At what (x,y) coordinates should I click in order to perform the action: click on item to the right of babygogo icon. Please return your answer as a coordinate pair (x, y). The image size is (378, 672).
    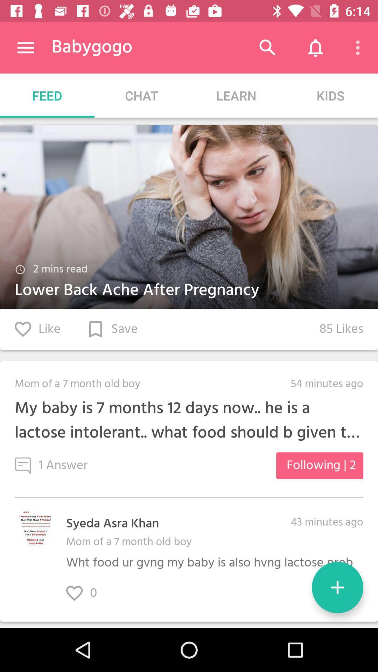
    Looking at the image, I should click on (267, 47).